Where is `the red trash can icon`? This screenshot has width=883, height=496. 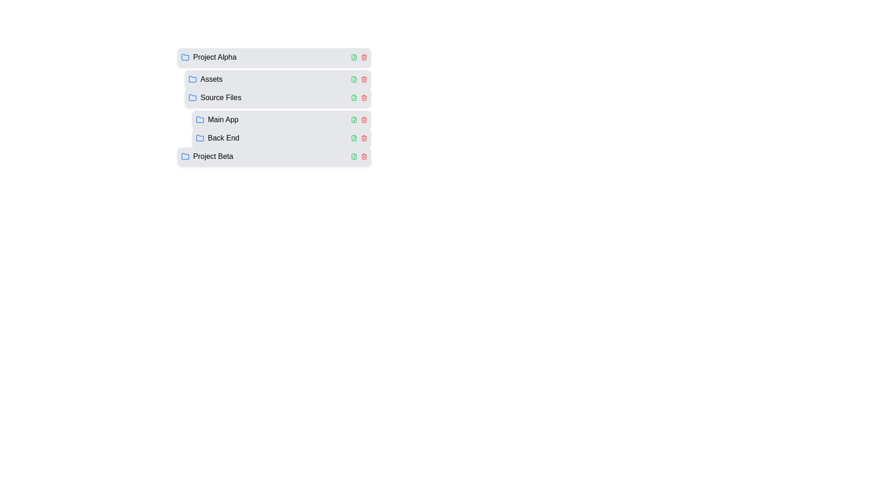
the red trash can icon is located at coordinates (364, 138).